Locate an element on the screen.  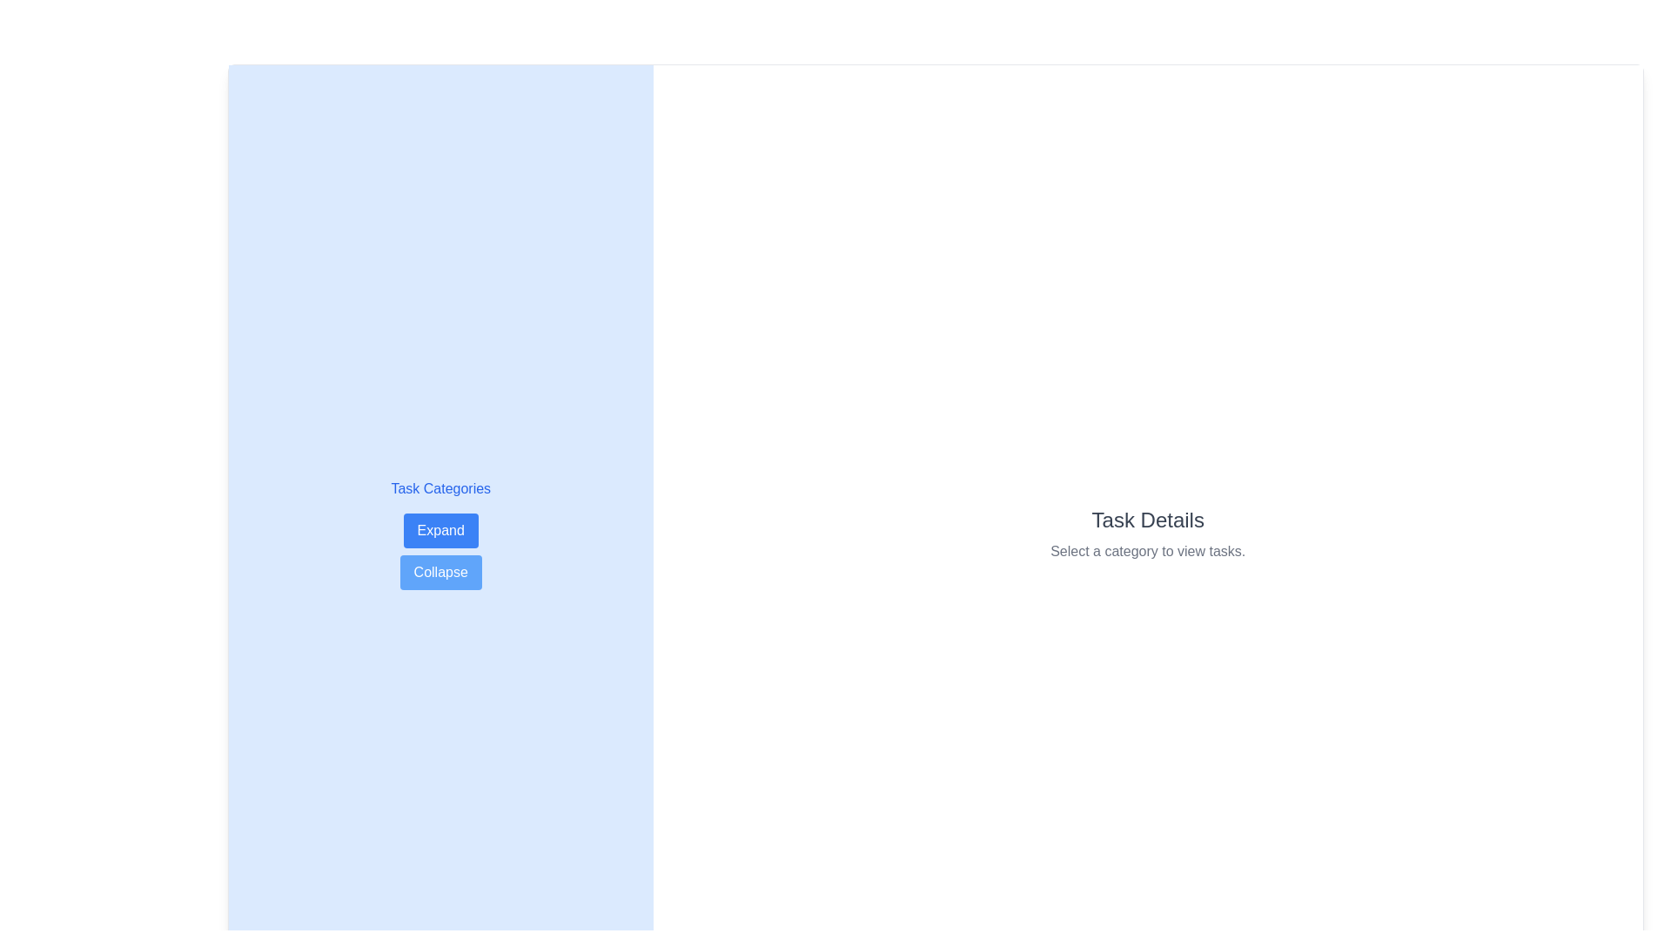
the 'Collapse' button, which is a rectangular button with a blue background and white text, located below the 'Expand' button in the left panel under 'Task Categories' is located at coordinates (440, 573).